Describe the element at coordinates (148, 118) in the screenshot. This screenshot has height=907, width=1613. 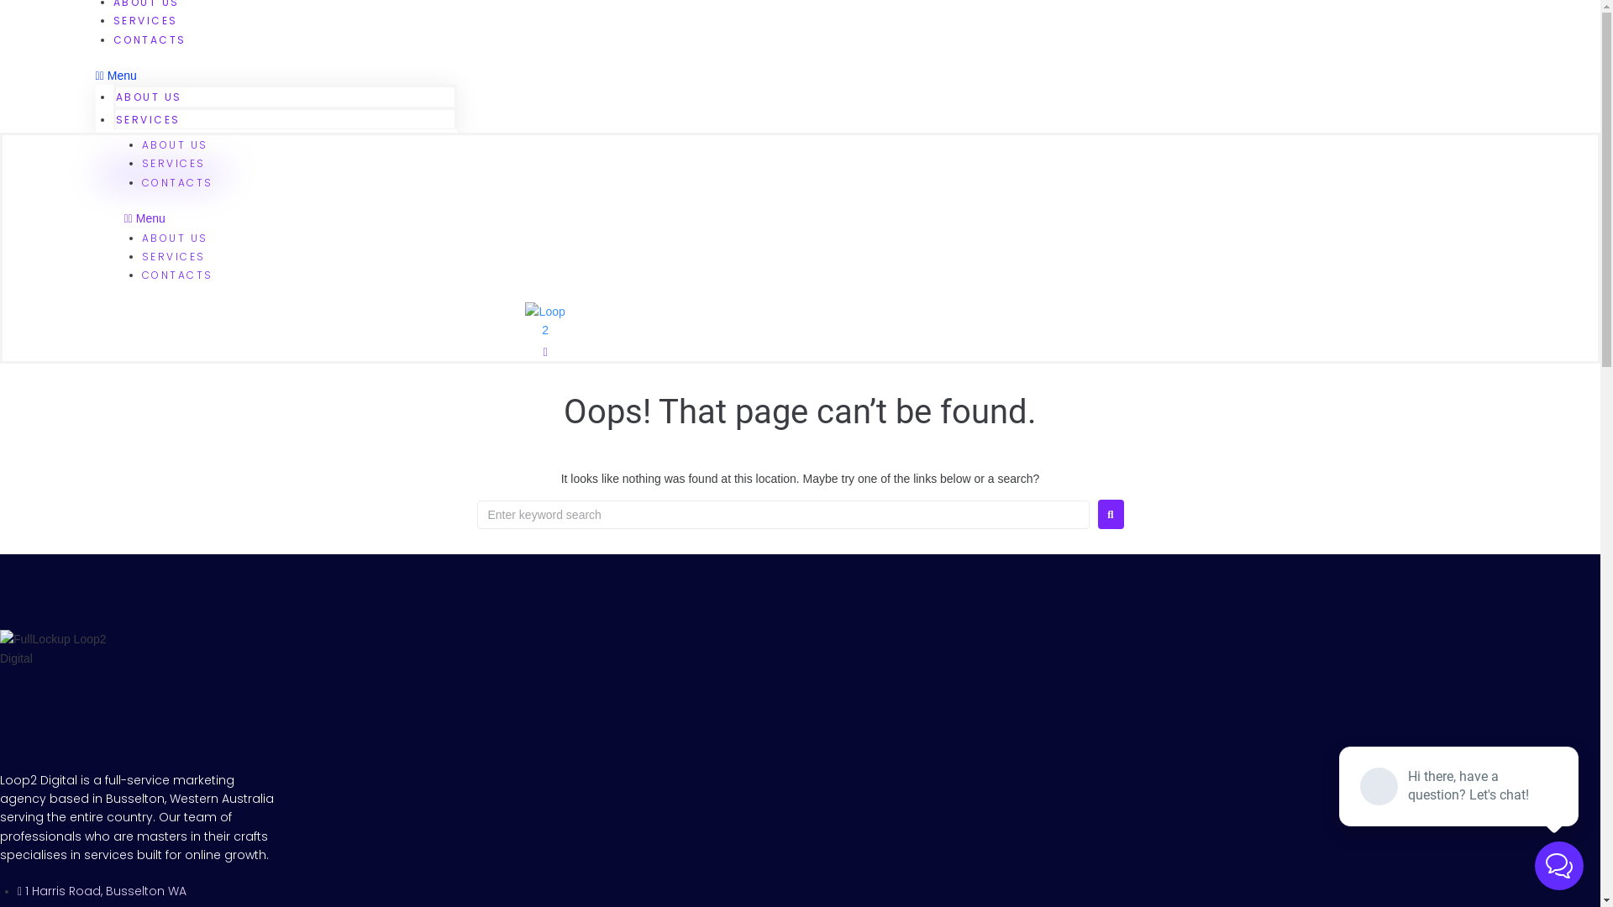
I see `'SERVICES'` at that location.